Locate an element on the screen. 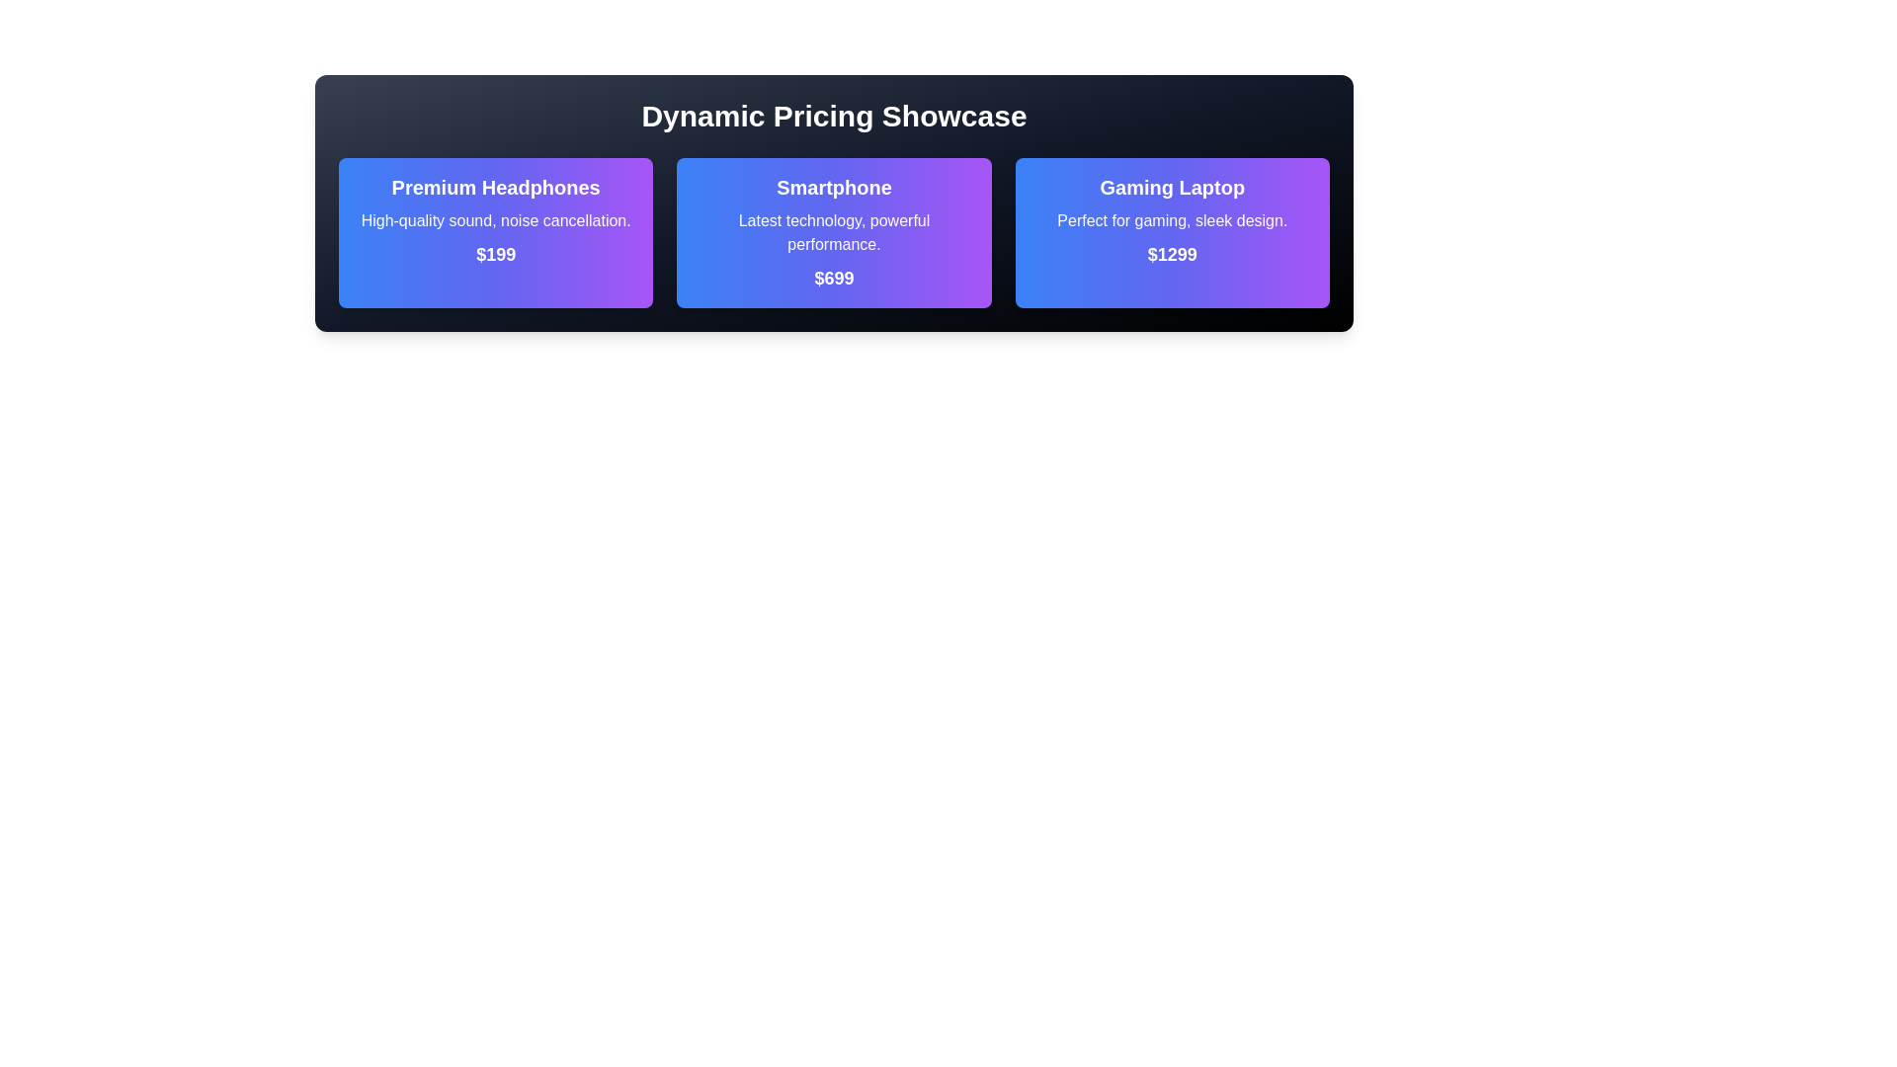 This screenshot has width=1897, height=1067. the 'Gaming Laptop' text label, which is displayed in bold, large font with a gradient background, located at the top of the rightmost card in a row of three cards is located at coordinates (1172, 187).